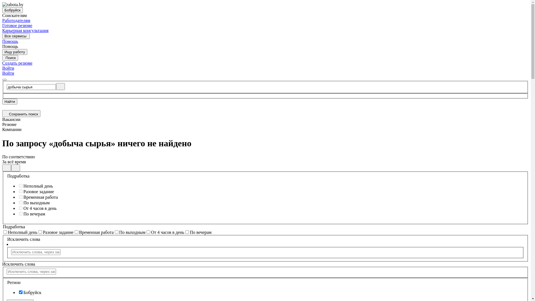  What do you see at coordinates (60, 86) in the screenshot?
I see `'Clear'` at bounding box center [60, 86].